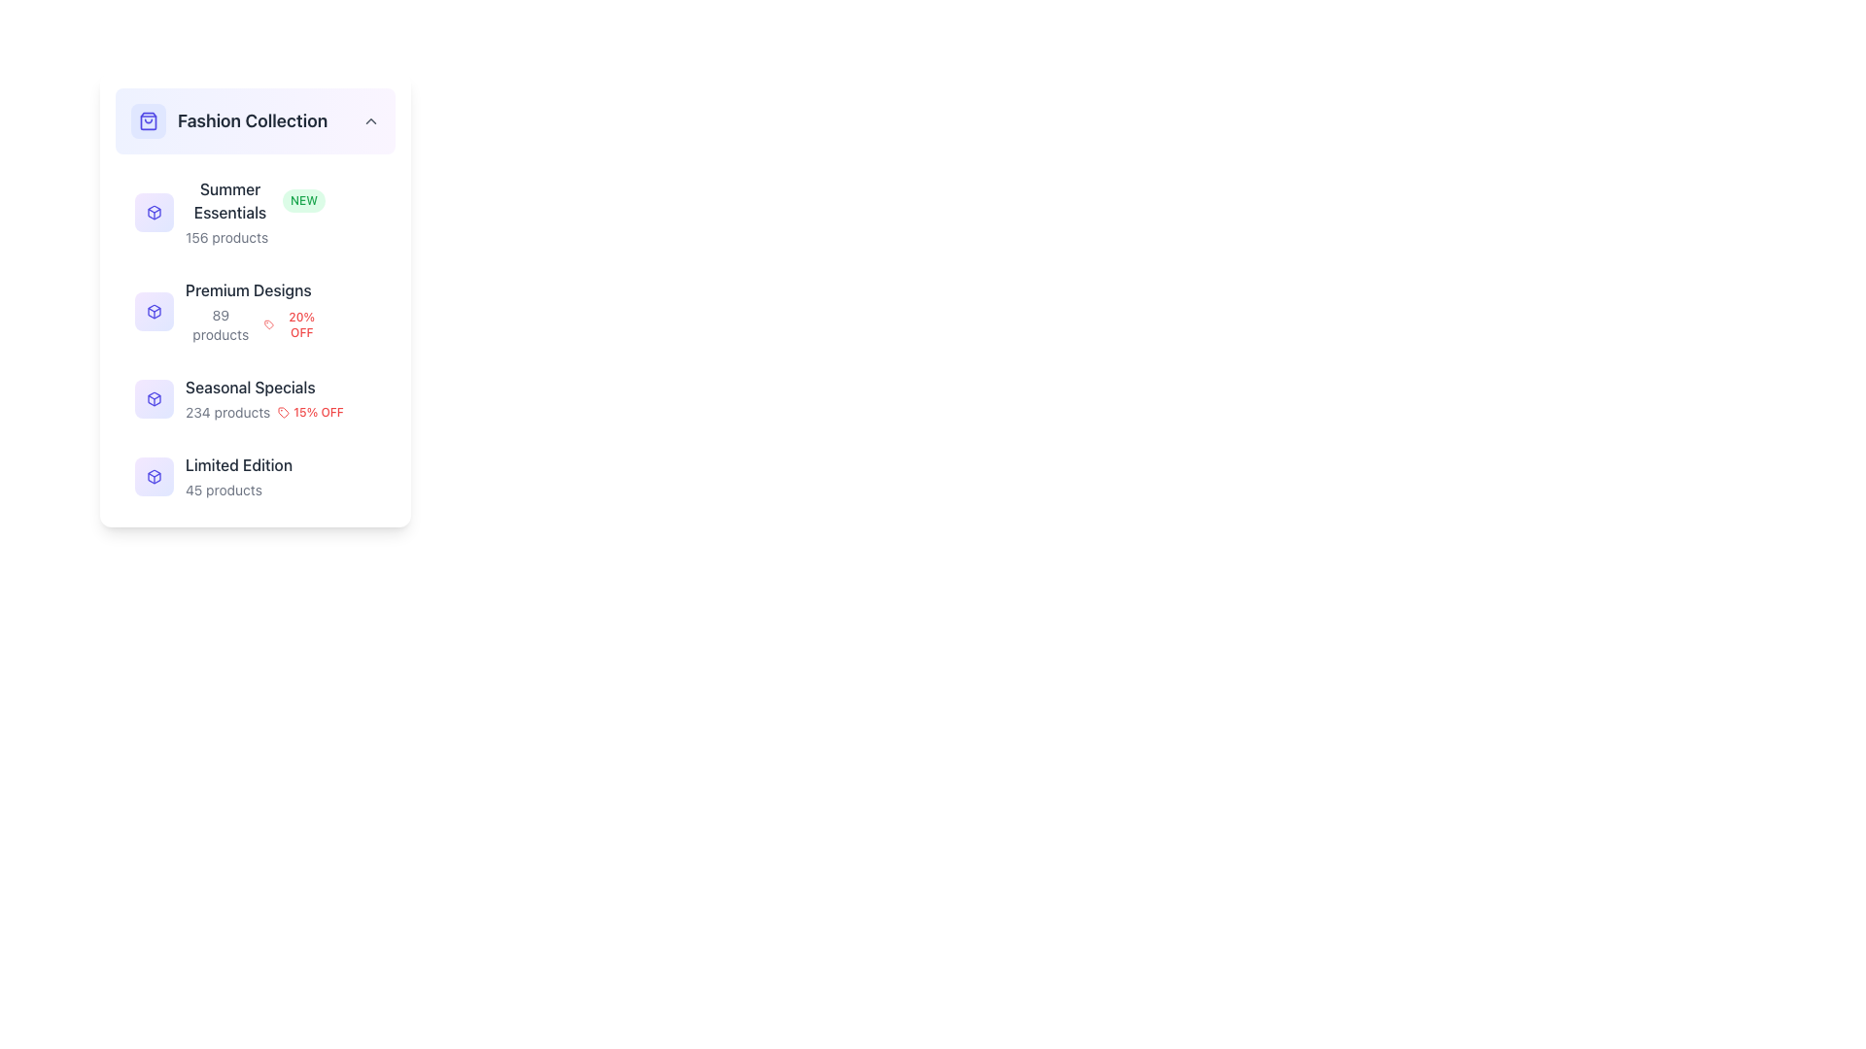  What do you see at coordinates (255, 299) in the screenshot?
I see `the 'Premium Designs' category item, which is the second item in the vertical list and positioned between 'Summer Essentials' and 'Seasonal Specials'` at bounding box center [255, 299].